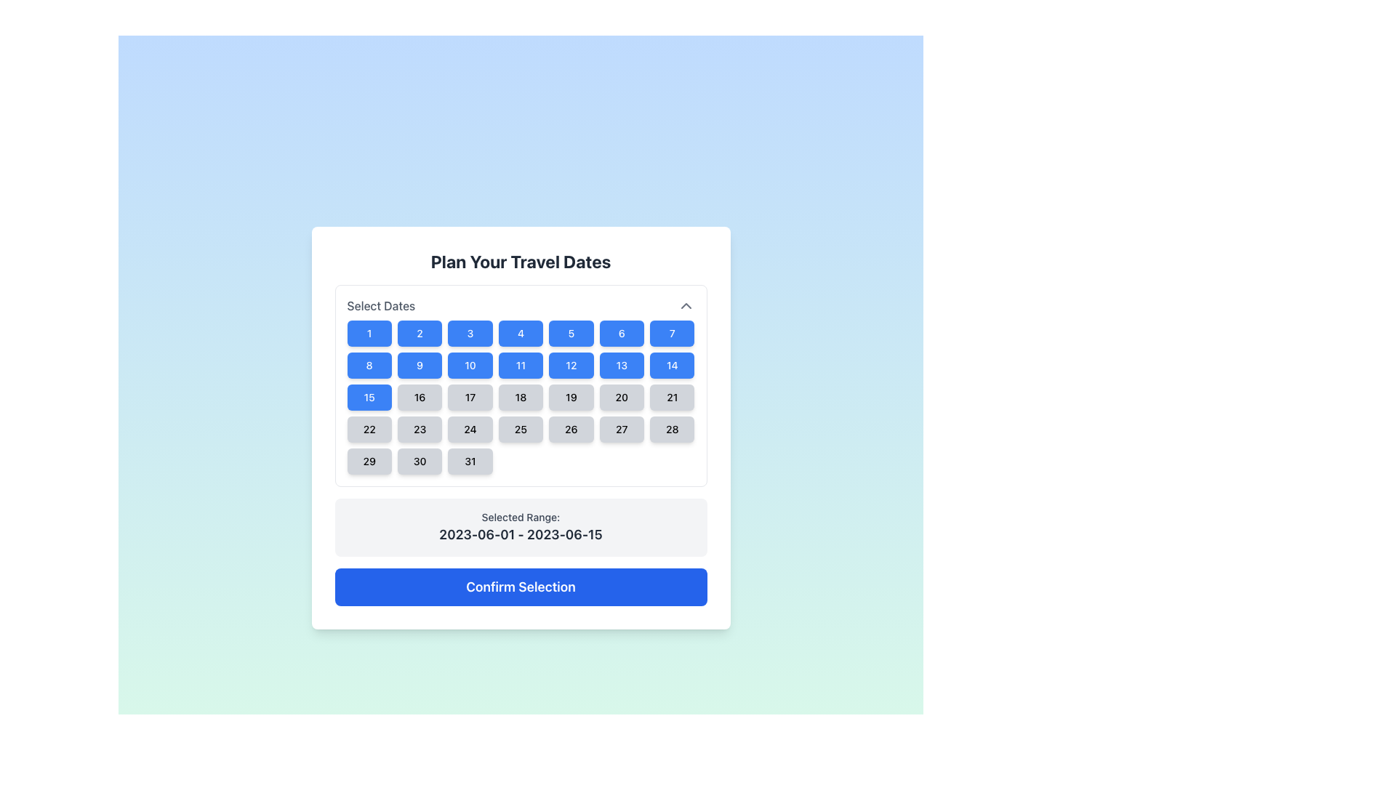 The width and height of the screenshot is (1396, 785). What do you see at coordinates (671, 364) in the screenshot?
I see `the button representing the date 14 in the calendar-style date picker` at bounding box center [671, 364].